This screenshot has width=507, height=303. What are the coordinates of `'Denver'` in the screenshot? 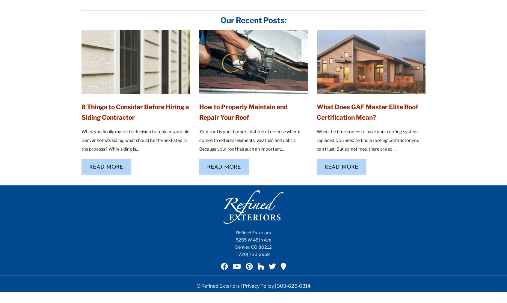 It's located at (242, 247).